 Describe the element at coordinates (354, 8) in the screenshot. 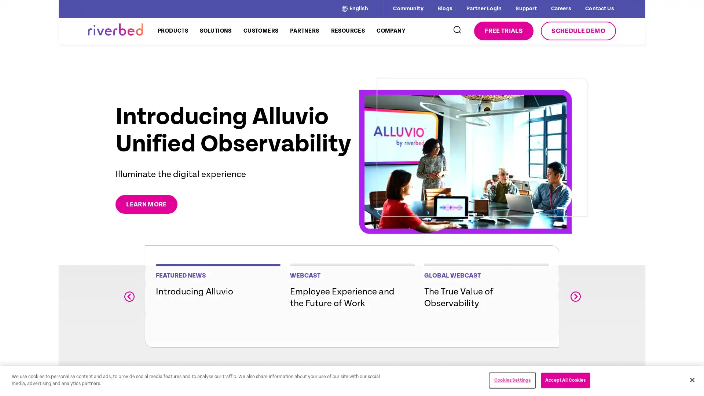

I see `English` at that location.